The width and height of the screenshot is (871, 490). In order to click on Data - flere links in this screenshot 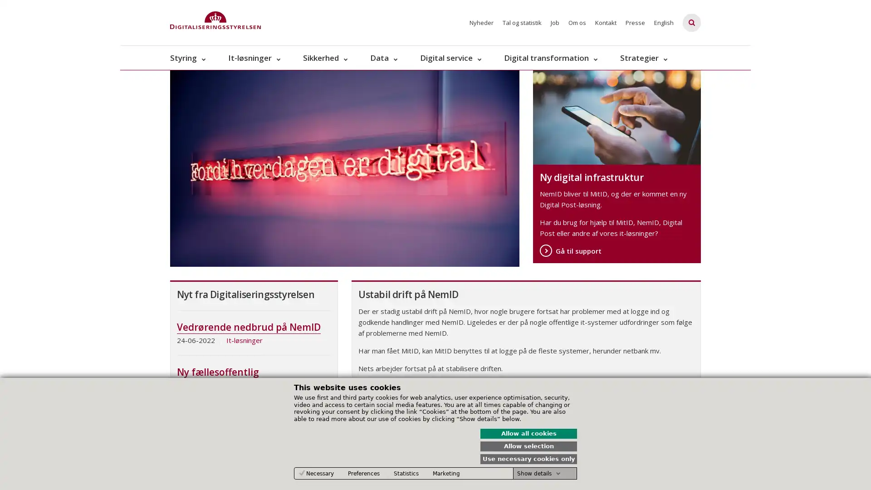, I will do `click(395, 58)`.